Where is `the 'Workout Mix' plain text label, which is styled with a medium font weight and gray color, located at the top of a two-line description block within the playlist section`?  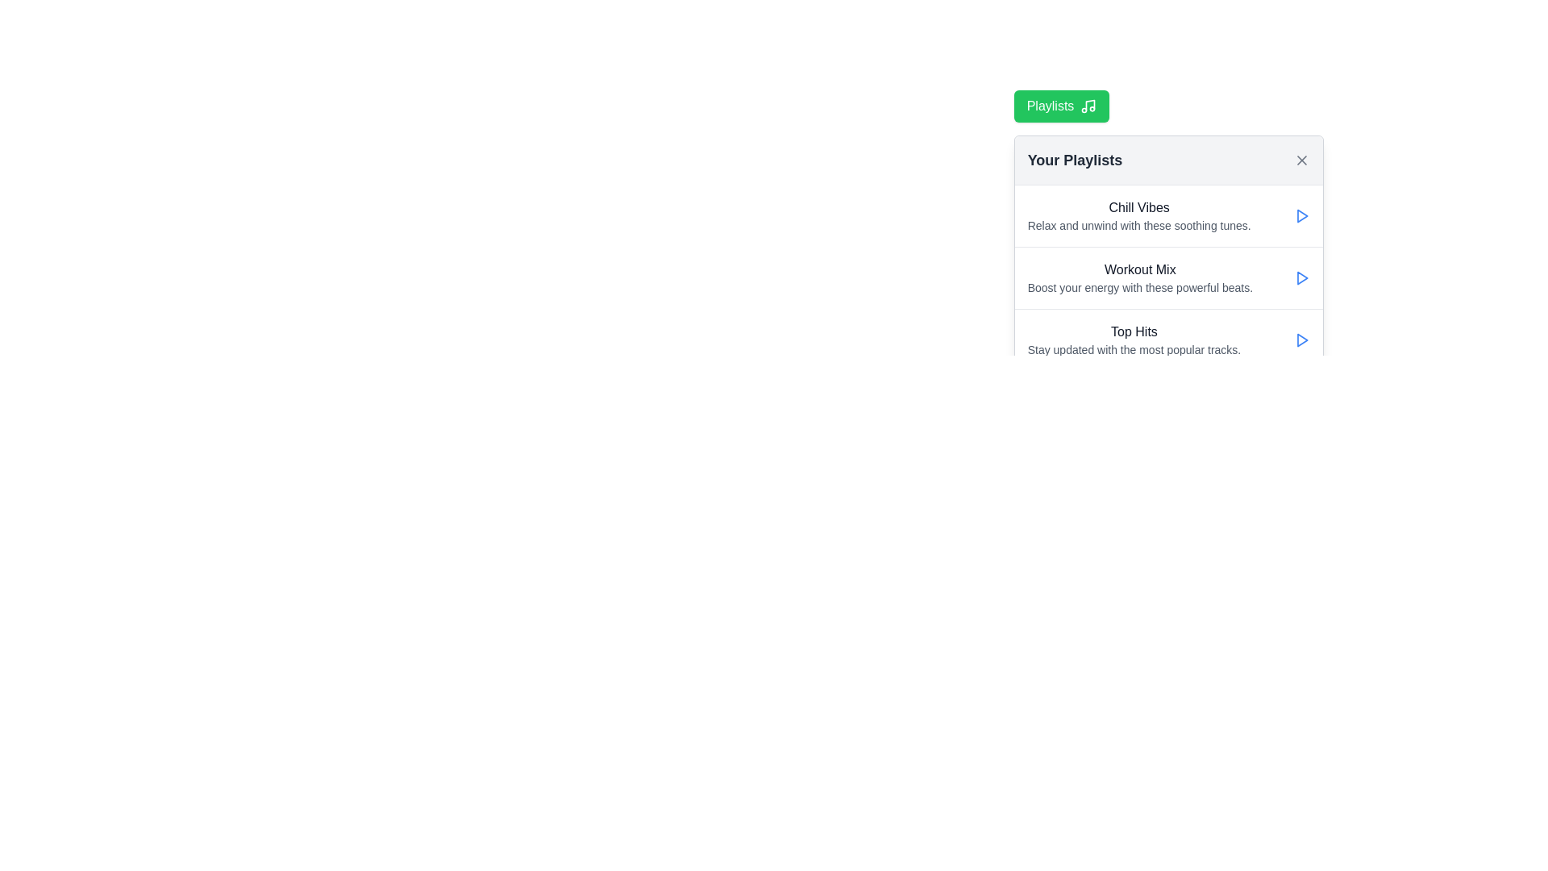
the 'Workout Mix' plain text label, which is styled with a medium font weight and gray color, located at the top of a two-line description block within the playlist section is located at coordinates (1139, 269).